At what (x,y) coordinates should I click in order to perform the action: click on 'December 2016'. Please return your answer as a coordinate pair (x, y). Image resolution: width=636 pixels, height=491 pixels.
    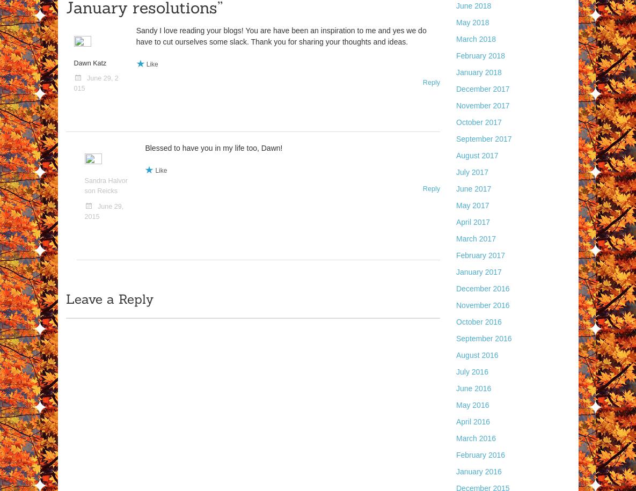
    Looking at the image, I should click on (456, 289).